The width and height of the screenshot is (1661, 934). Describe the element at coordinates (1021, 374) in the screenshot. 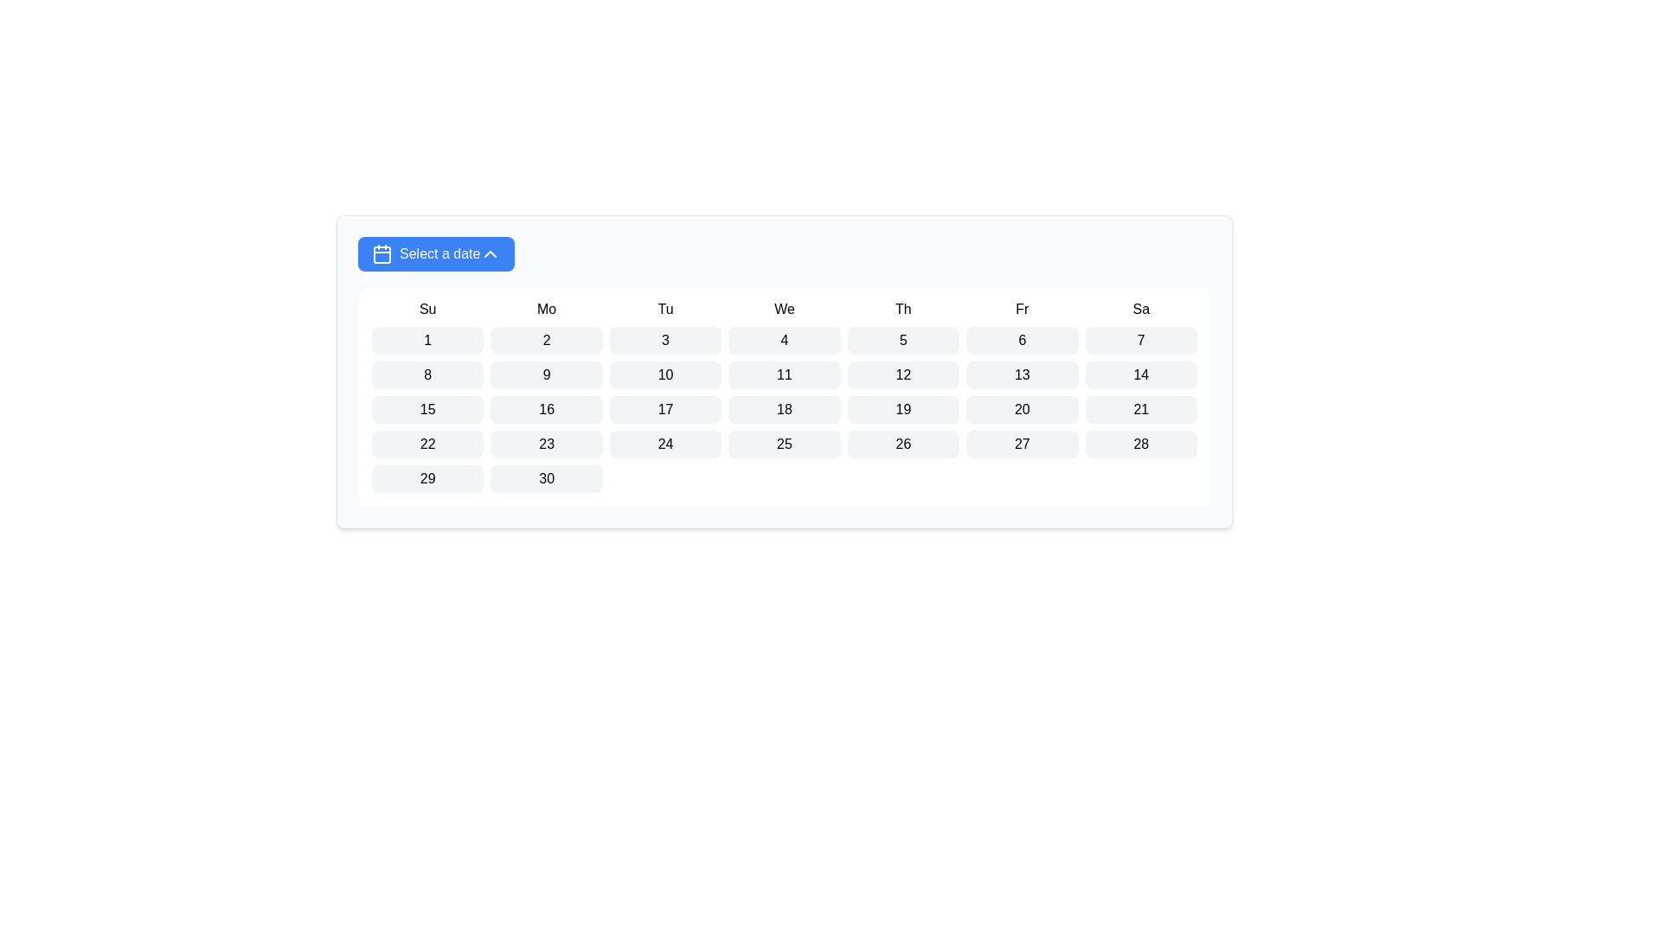

I see `the button with the number '13' centered in black text, which is located in the sixth column of the third row under 'Fr'` at that location.